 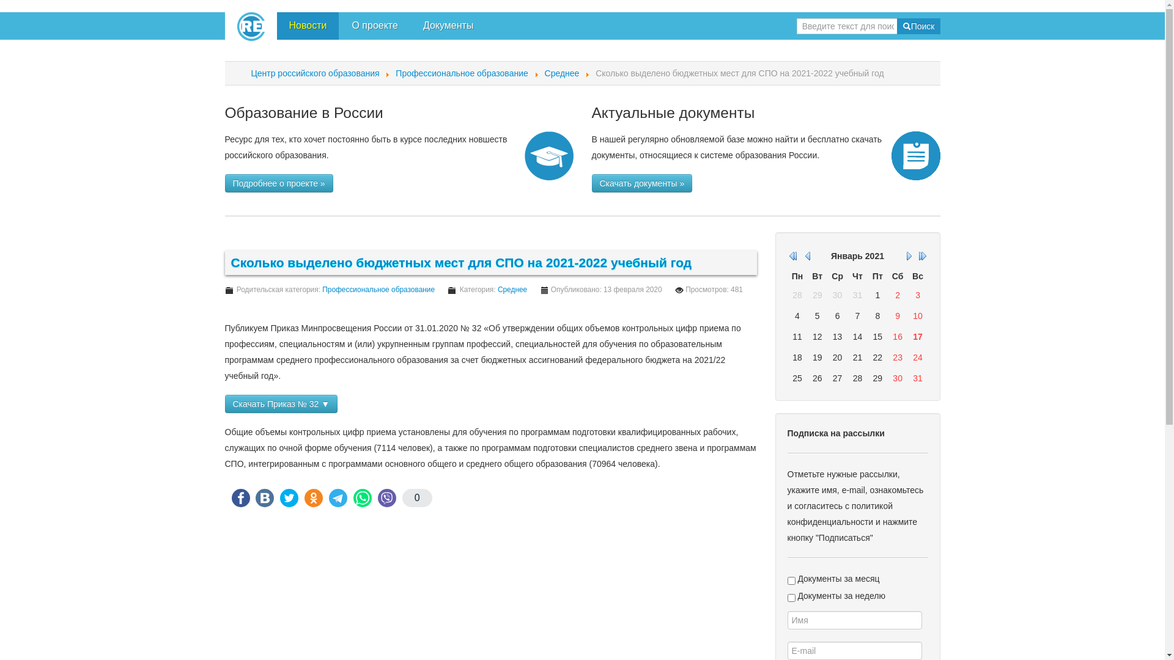 I want to click on 'WhatsApp', so click(x=362, y=497).